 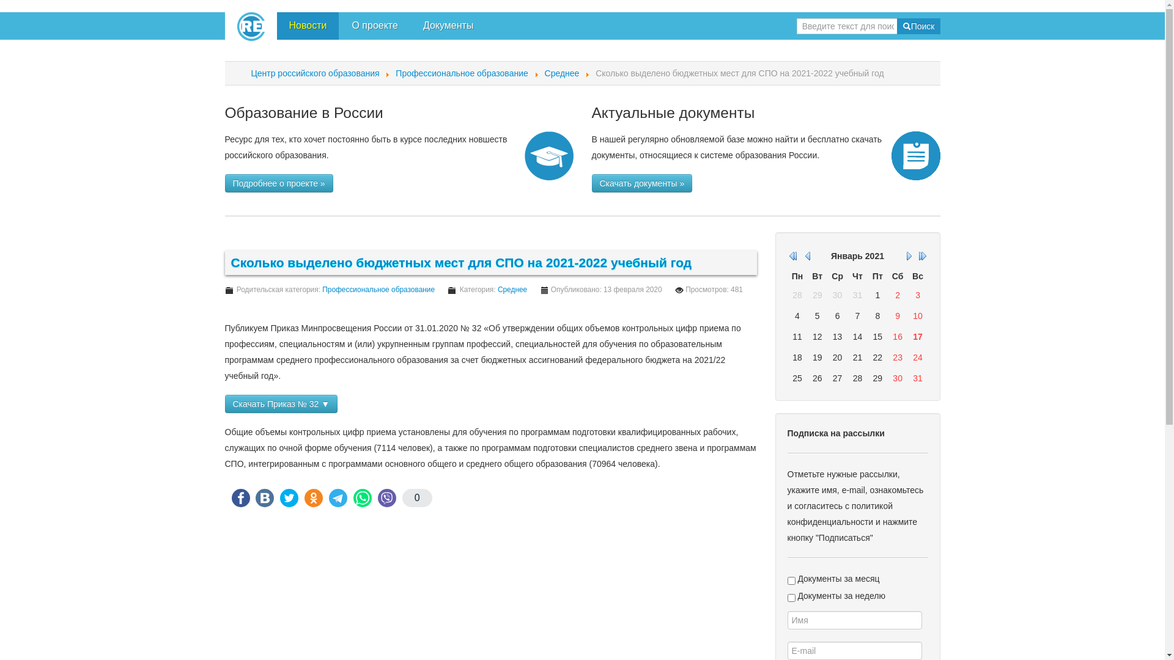 I want to click on 'WhatsApp', so click(x=362, y=497).